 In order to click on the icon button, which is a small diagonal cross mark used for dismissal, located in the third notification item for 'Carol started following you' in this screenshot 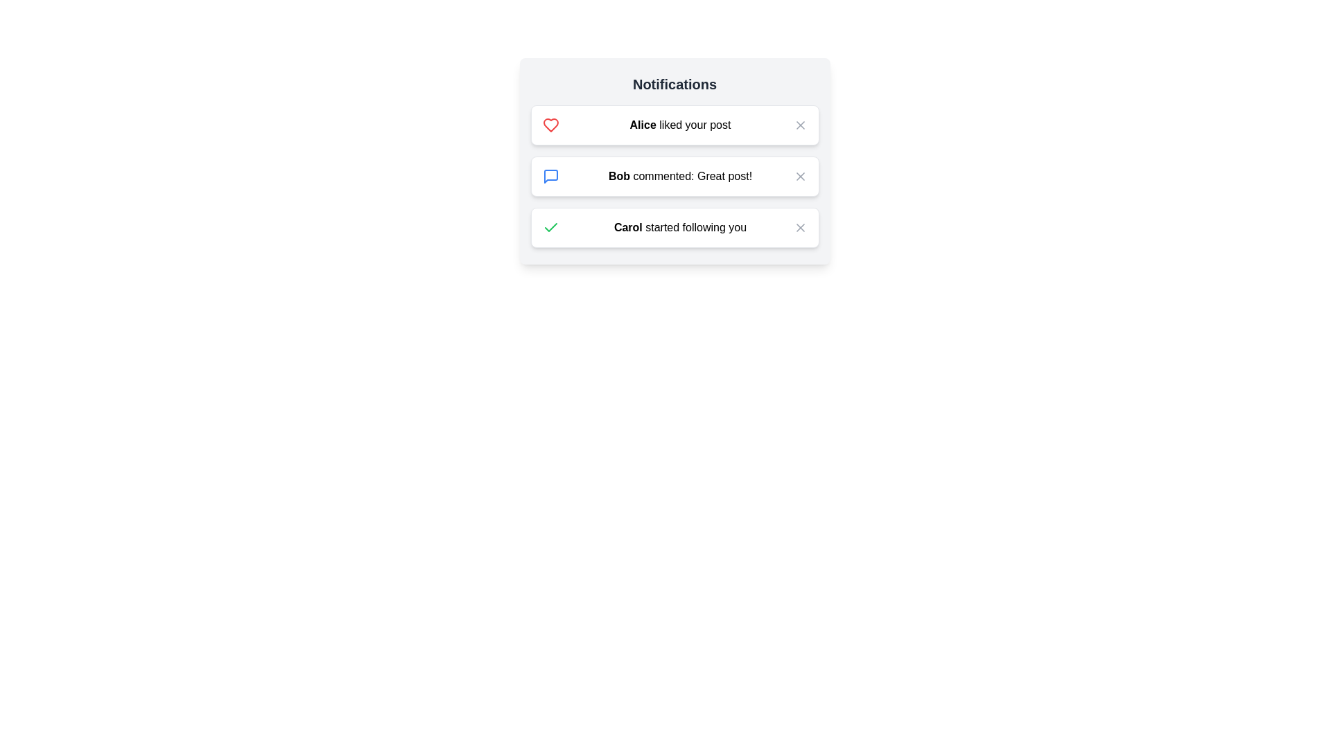, I will do `click(800, 226)`.